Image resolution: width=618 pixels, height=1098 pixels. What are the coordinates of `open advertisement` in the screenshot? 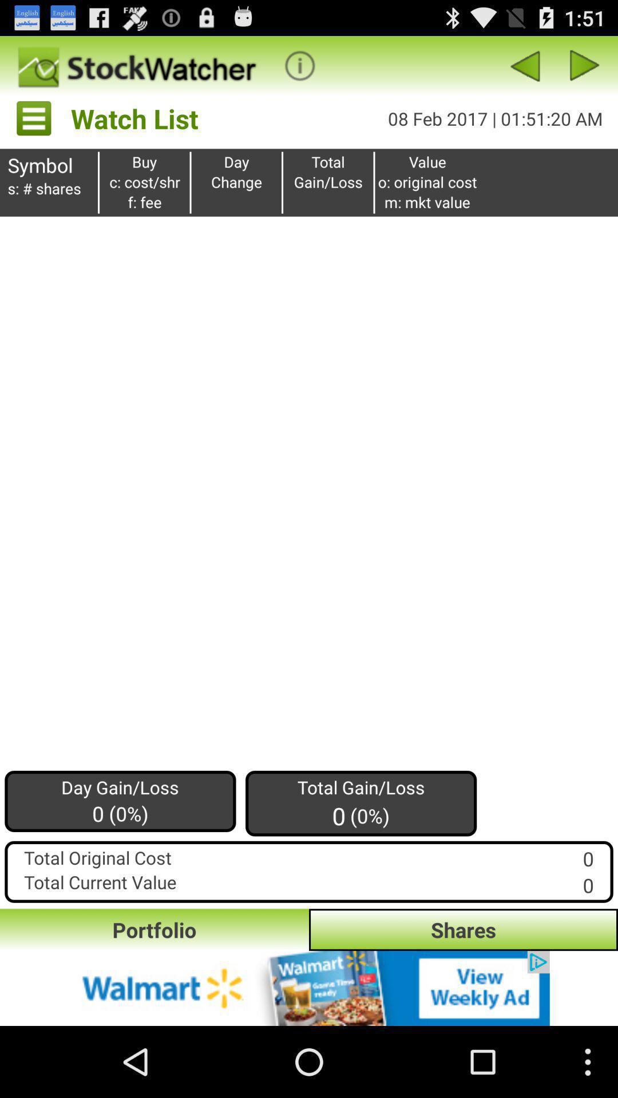 It's located at (309, 988).